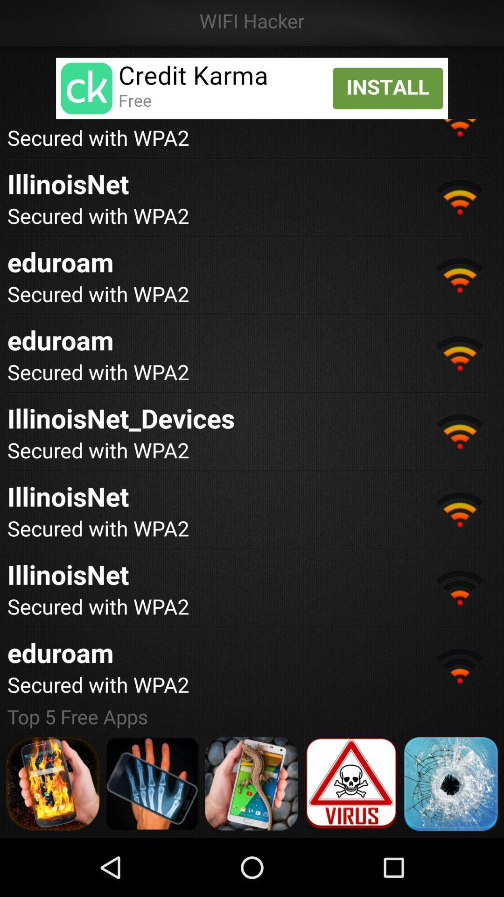 This screenshot has height=897, width=504. What do you see at coordinates (152, 783) in the screenshot?
I see `app` at bounding box center [152, 783].